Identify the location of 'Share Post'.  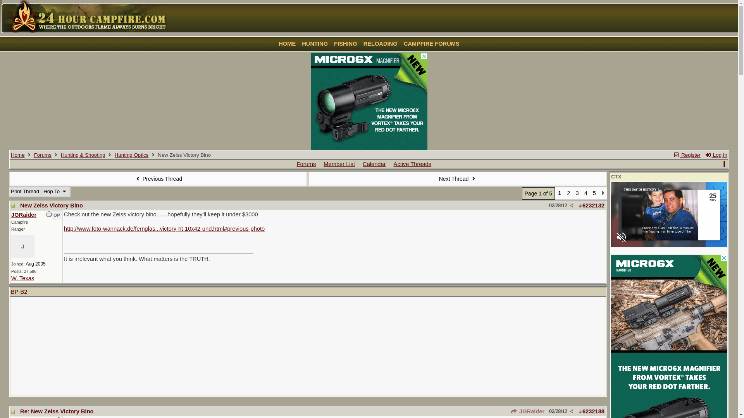
(567, 205).